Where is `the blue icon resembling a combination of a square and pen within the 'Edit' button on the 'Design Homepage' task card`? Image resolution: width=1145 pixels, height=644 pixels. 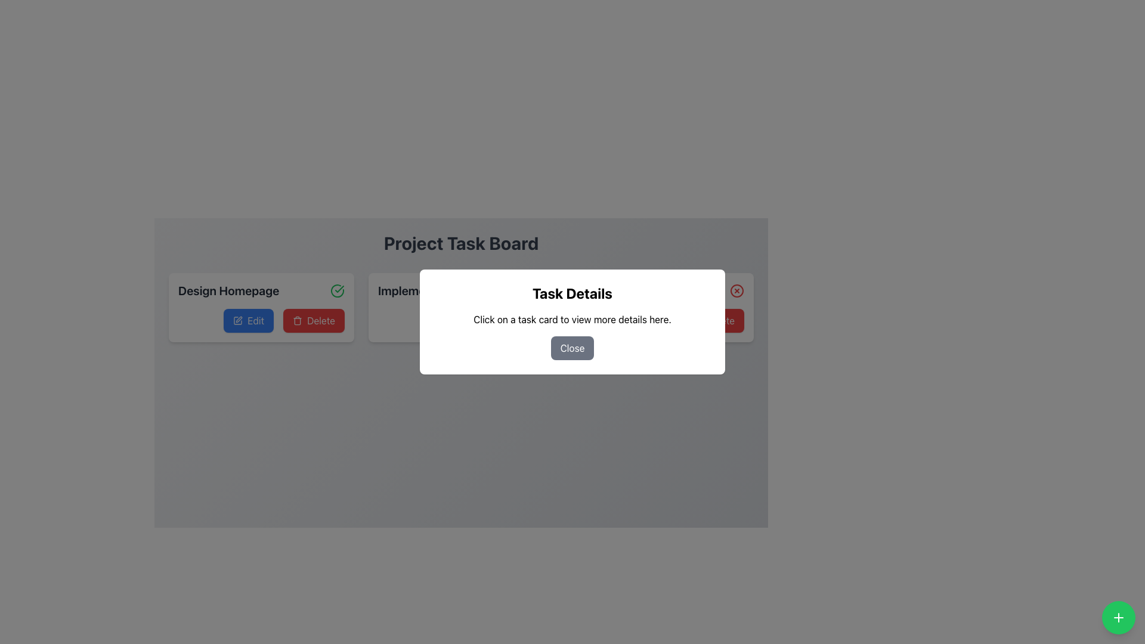
the blue icon resembling a combination of a square and pen within the 'Edit' button on the 'Design Homepage' task card is located at coordinates (238, 320).